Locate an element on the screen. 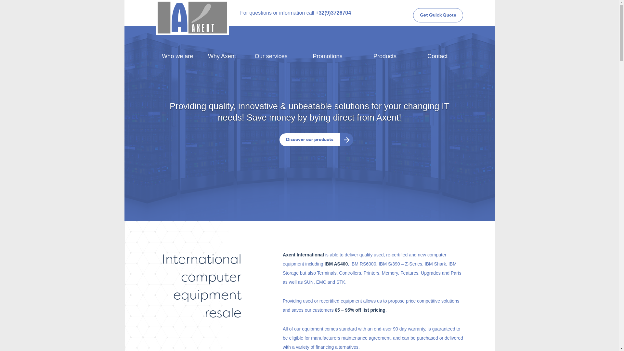 The image size is (624, 351). 'Why Axent' is located at coordinates (222, 56).